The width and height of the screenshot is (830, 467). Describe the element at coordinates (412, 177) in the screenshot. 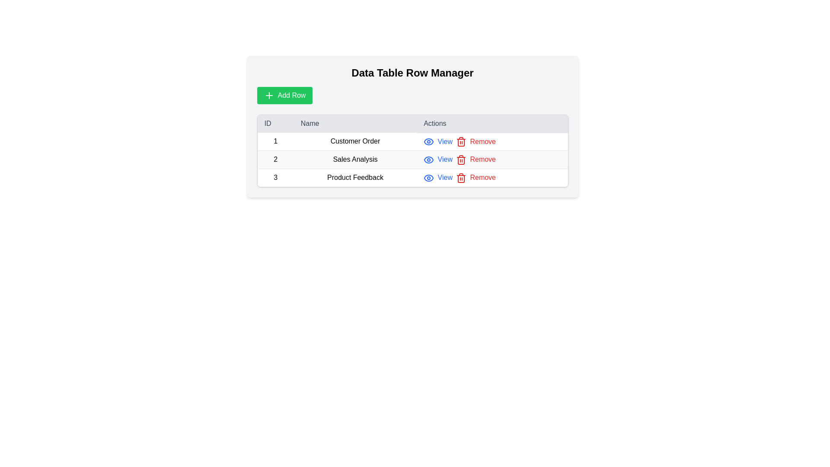

I see `the 'View' or 'Remove' button in the third row of the tabular data view labeled with ID '3' and name 'Product Feedback'` at that location.